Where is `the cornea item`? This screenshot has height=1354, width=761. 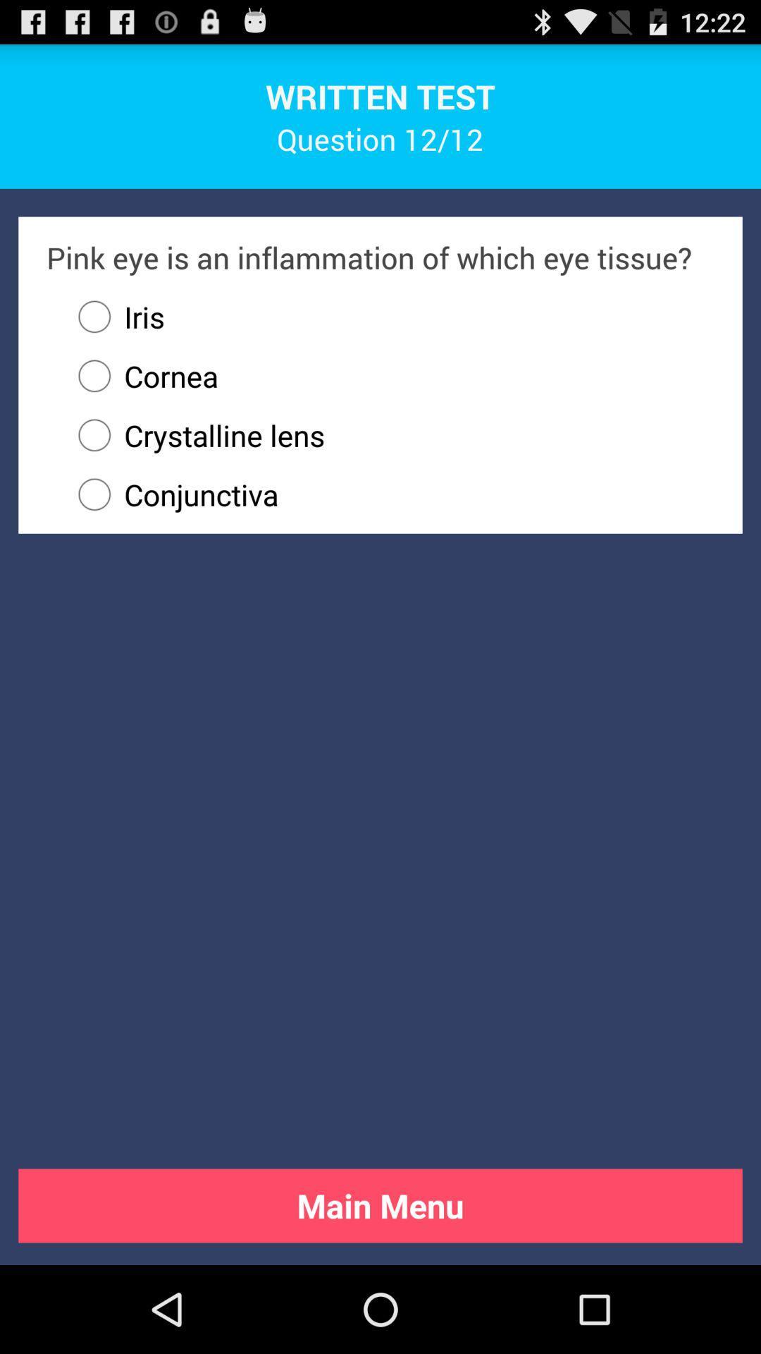 the cornea item is located at coordinates (141, 376).